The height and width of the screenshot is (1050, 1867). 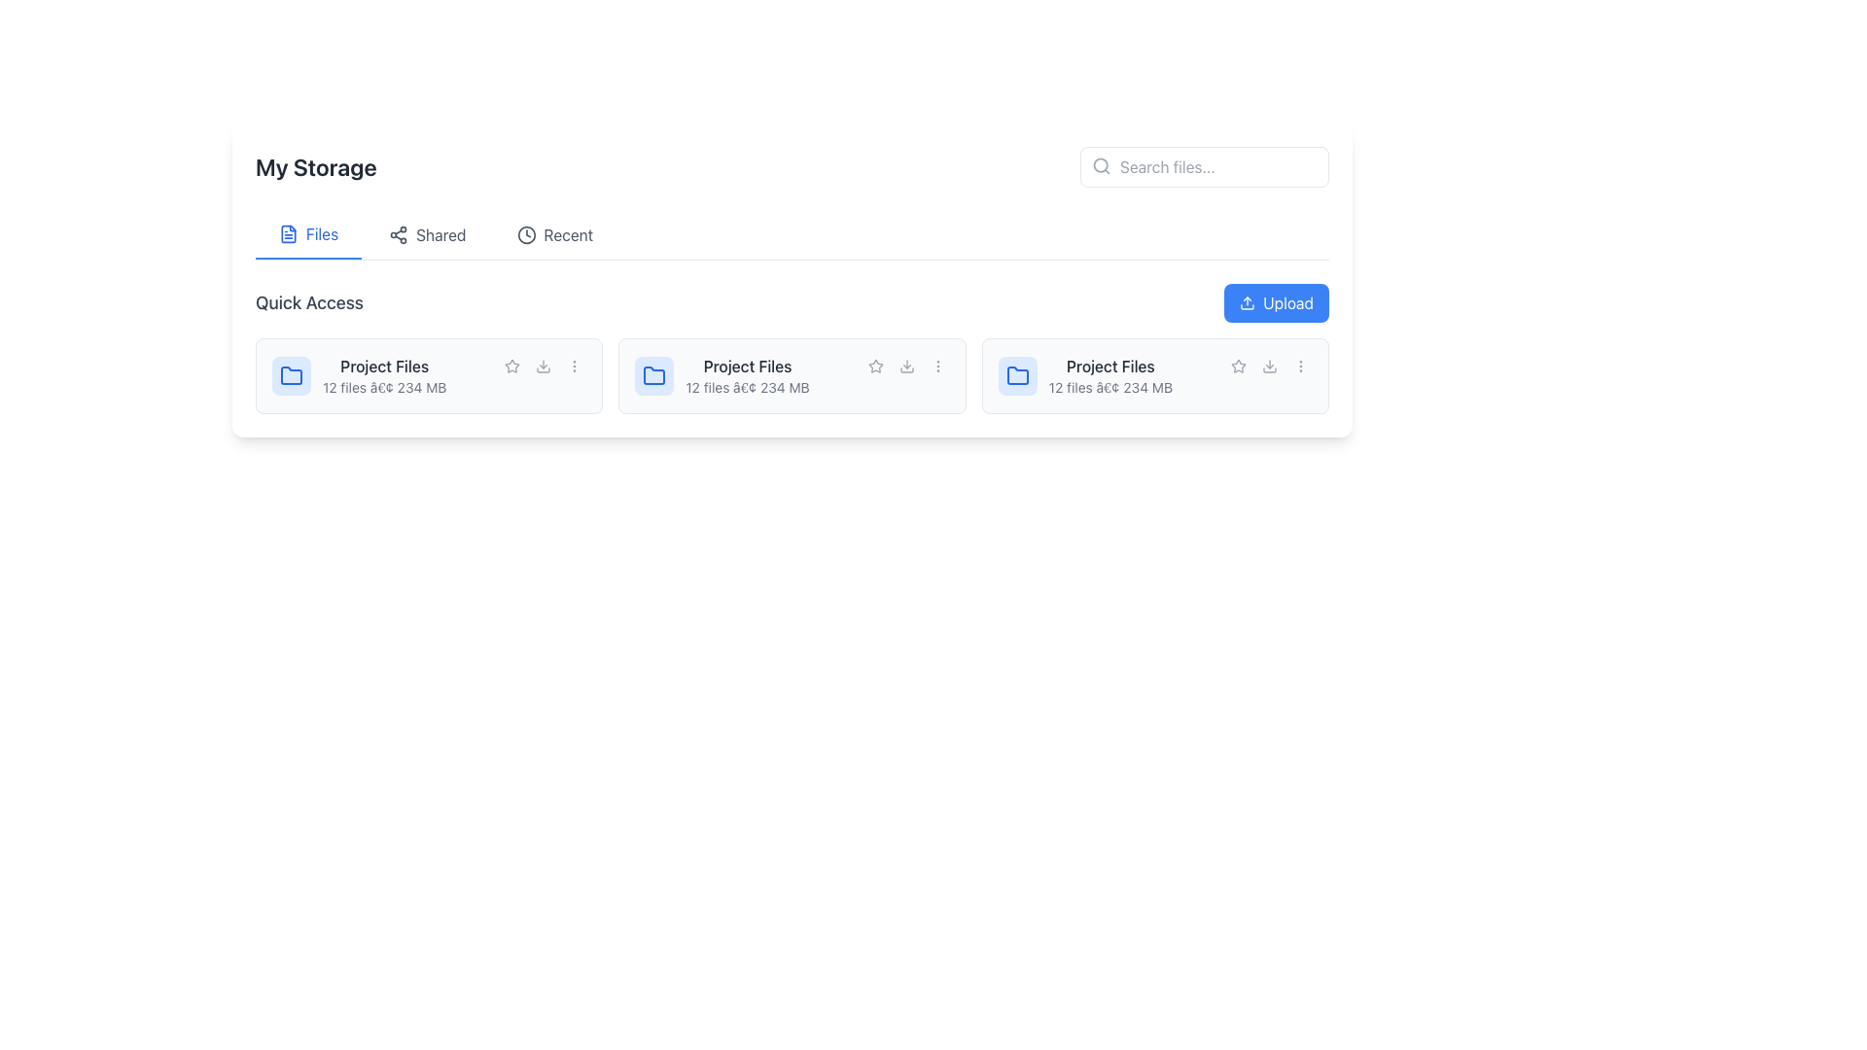 What do you see at coordinates (1016, 375) in the screenshot?
I see `the folder icon above the text 'Project Files' in the fourth file card in the 'Quick Access' section` at bounding box center [1016, 375].